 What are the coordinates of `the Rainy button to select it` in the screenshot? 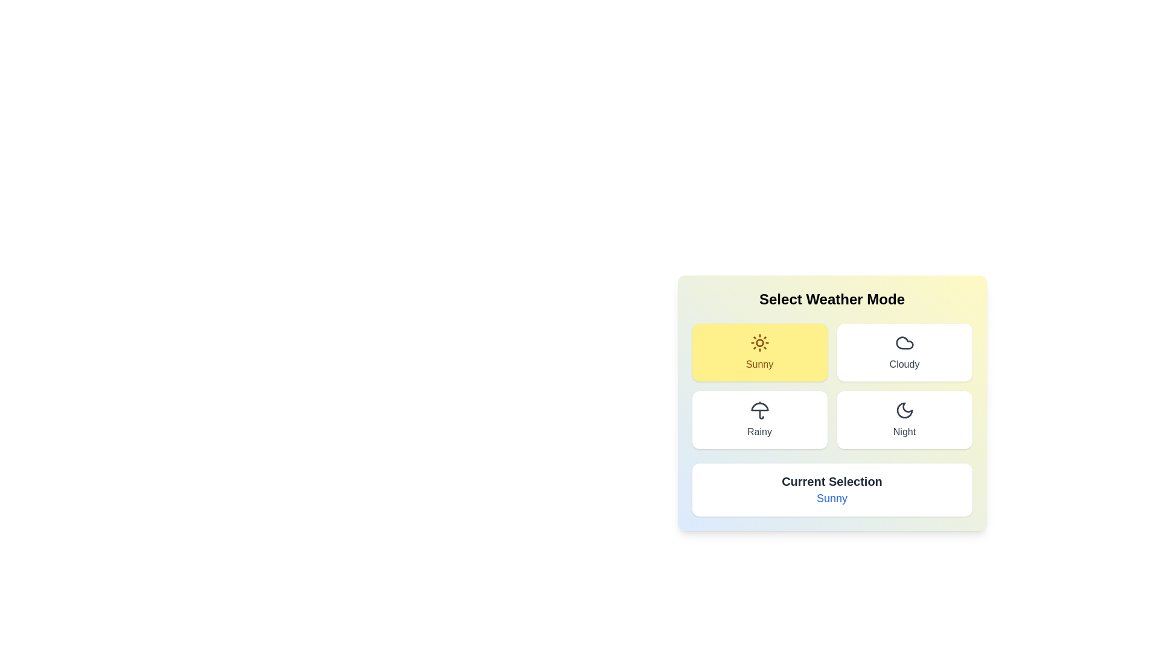 It's located at (759, 420).